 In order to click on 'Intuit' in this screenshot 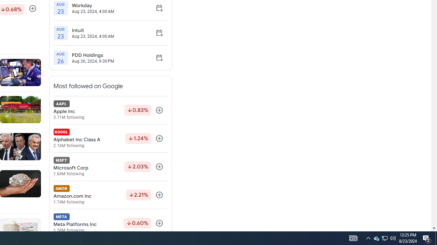, I will do `click(93, 30)`.